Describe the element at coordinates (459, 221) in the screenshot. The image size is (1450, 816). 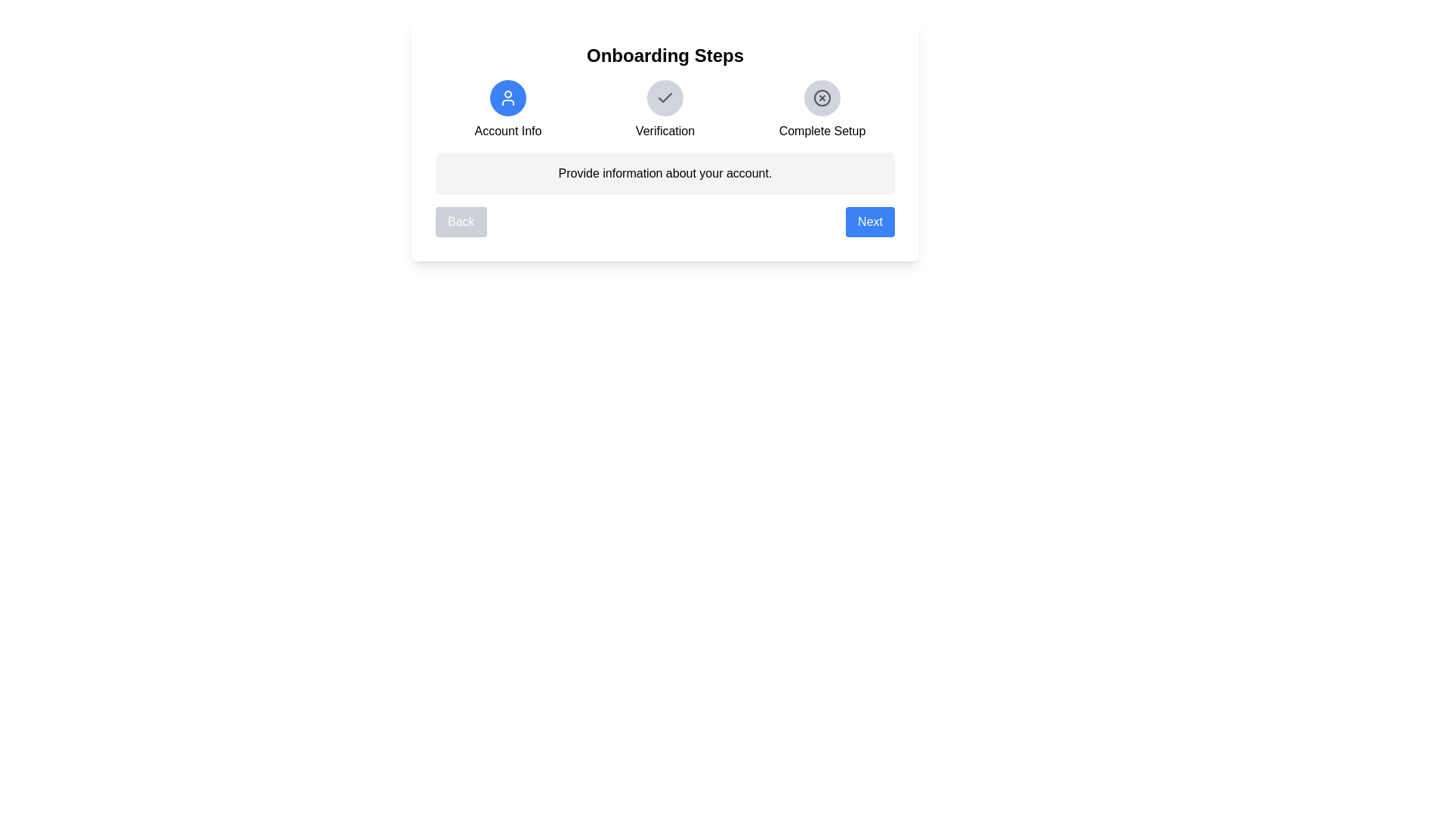
I see `'Back' button to navigate to the previous step` at that location.